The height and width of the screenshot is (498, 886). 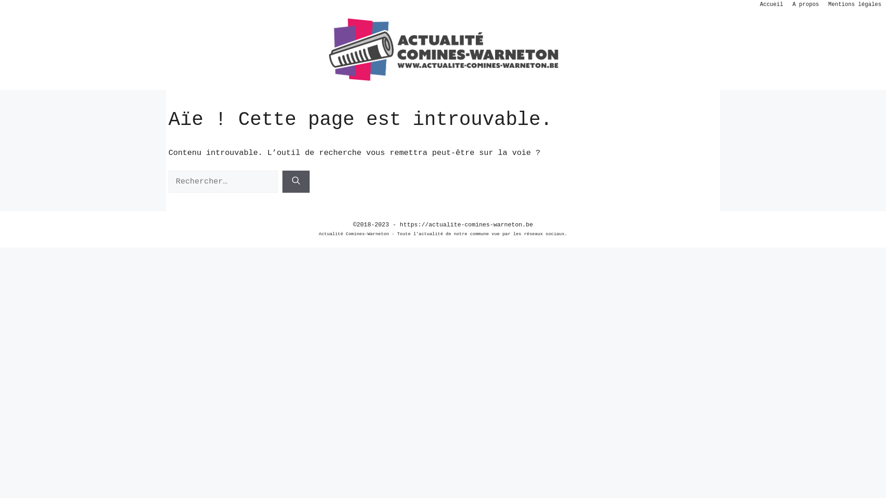 What do you see at coordinates (805, 5) in the screenshot?
I see `'A propos'` at bounding box center [805, 5].